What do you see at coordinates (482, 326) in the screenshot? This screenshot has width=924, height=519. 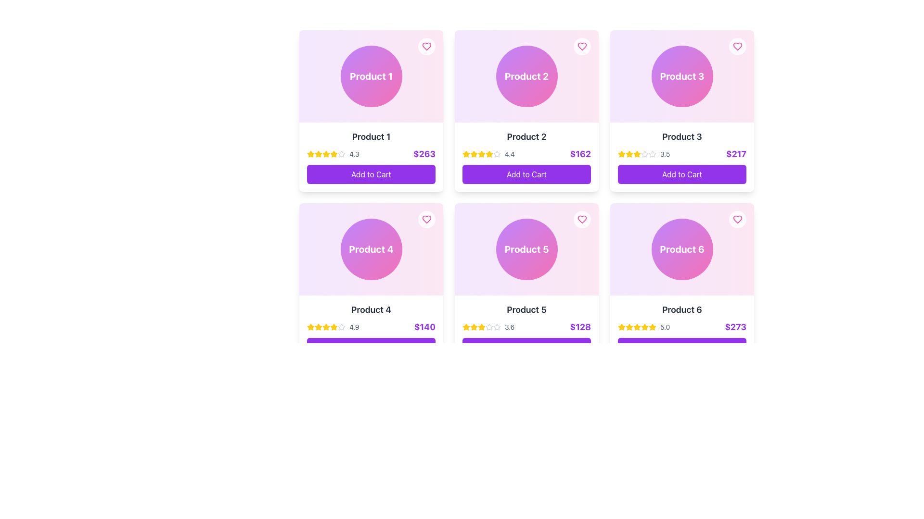 I see `the yellow star-shaped icon in the second row and second column of the grid layout` at bounding box center [482, 326].